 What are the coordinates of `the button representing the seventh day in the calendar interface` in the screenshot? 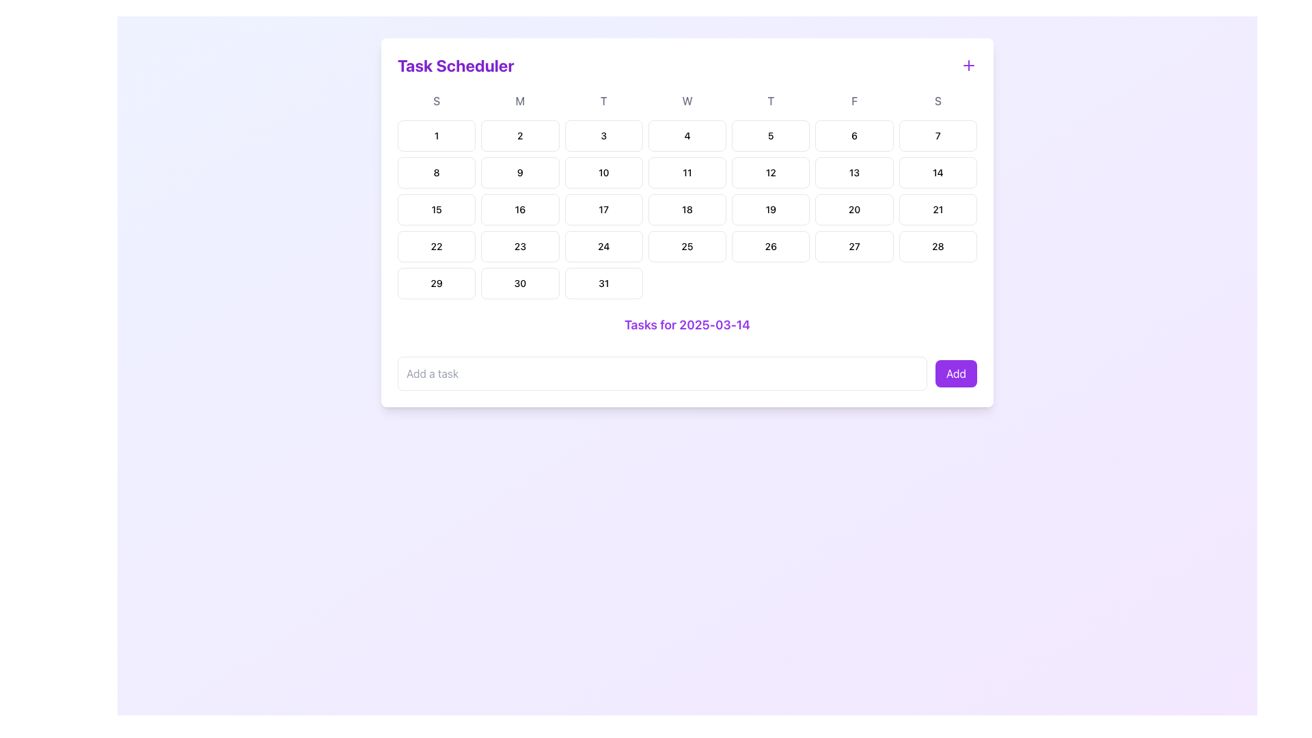 It's located at (937, 136).